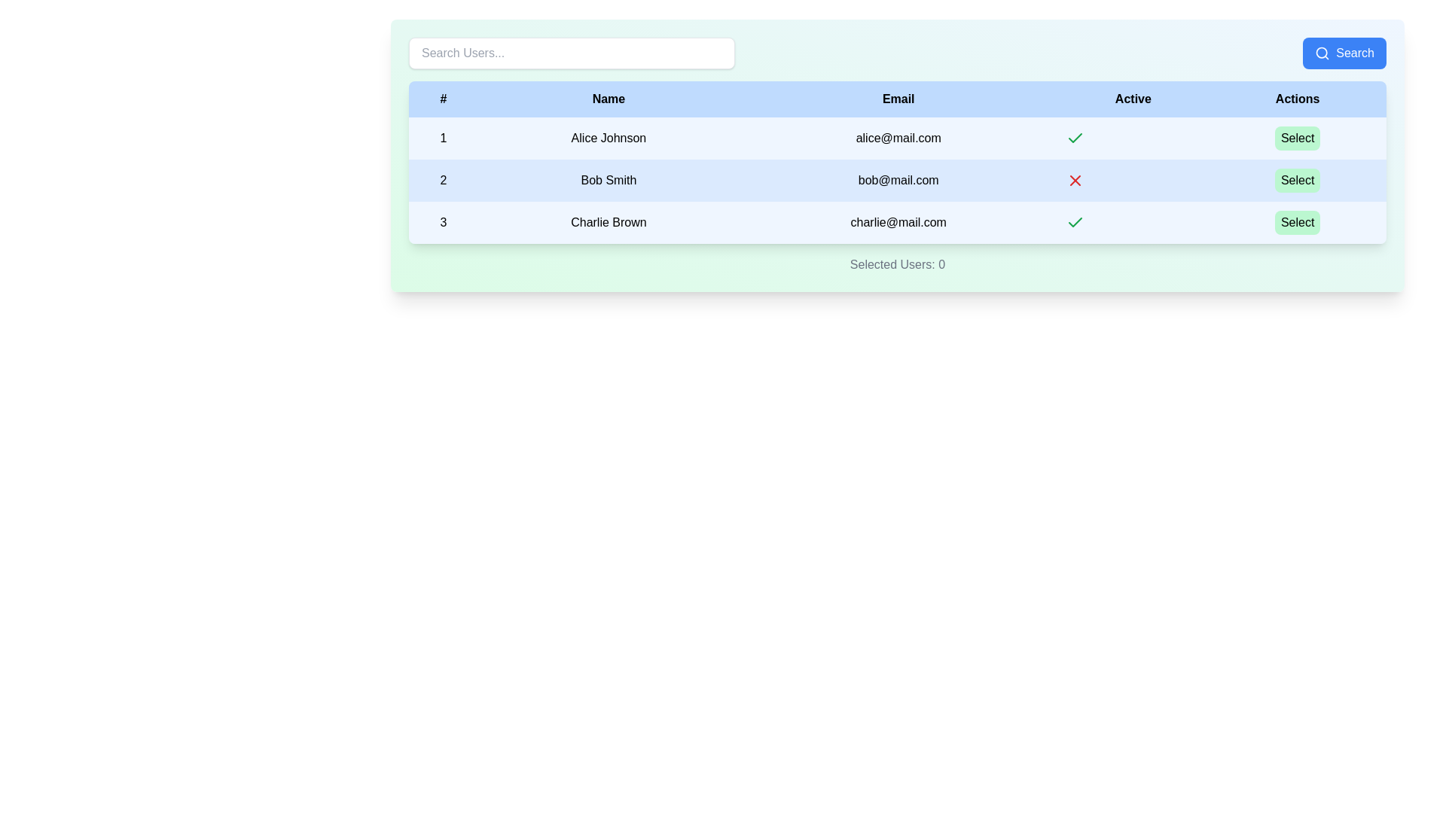  Describe the element at coordinates (1297, 139) in the screenshot. I see `the actionable button in the 'Actions' column of the table that corresponds to 'Alice Johnson' in row labeled '1'` at that location.